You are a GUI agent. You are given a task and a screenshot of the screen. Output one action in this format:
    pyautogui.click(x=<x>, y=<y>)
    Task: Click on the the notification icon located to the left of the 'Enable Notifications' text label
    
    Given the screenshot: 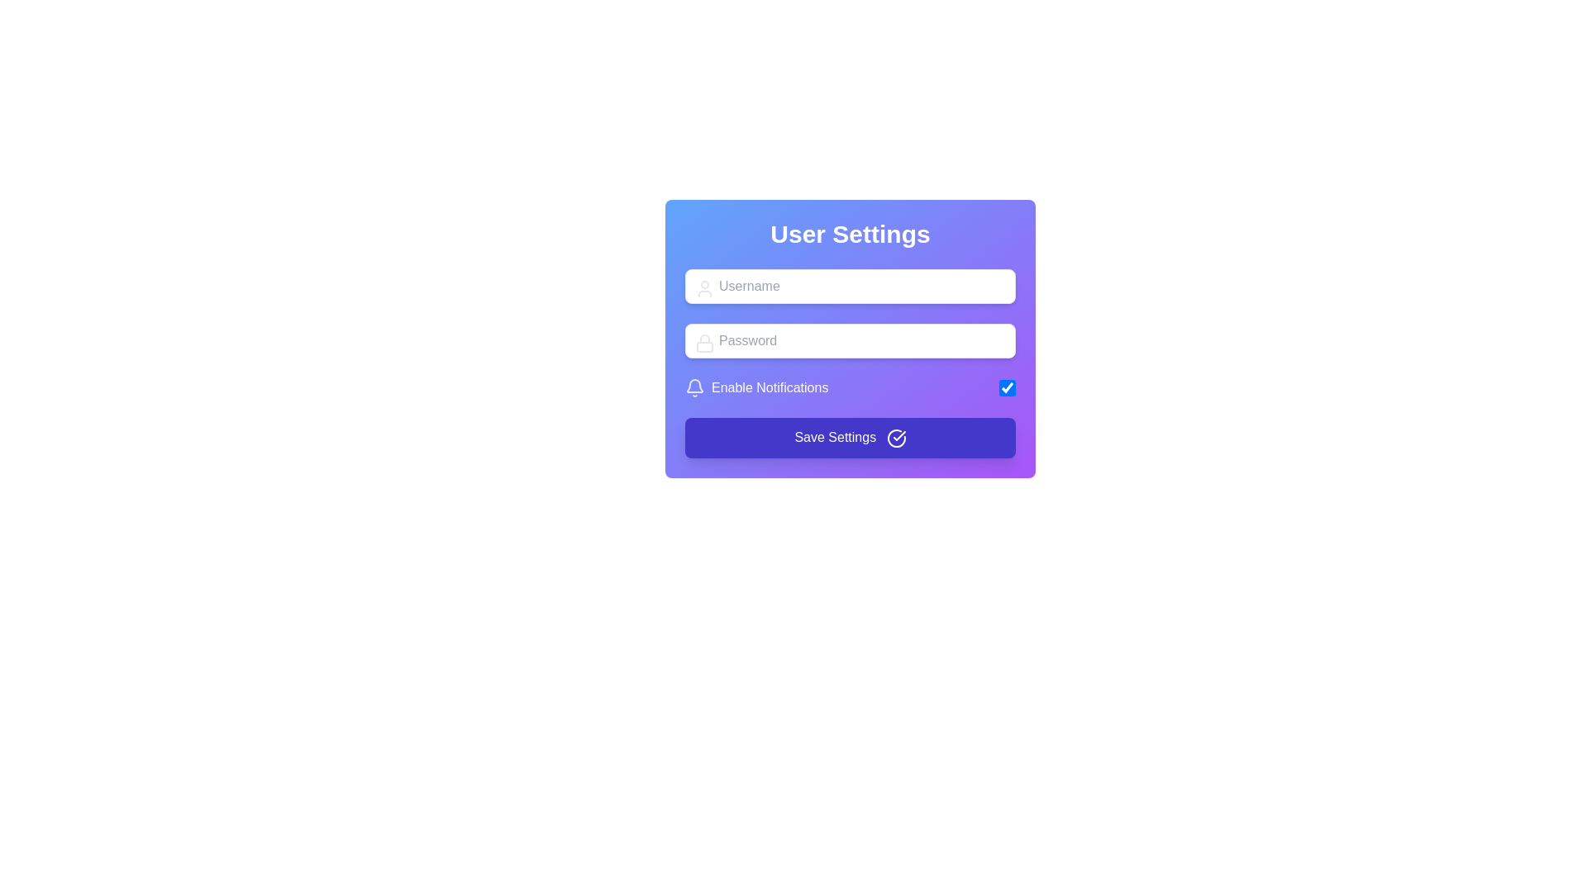 What is the action you would take?
    pyautogui.click(x=694, y=386)
    